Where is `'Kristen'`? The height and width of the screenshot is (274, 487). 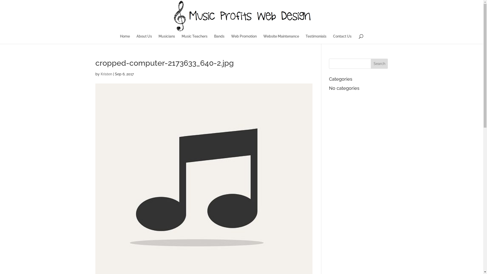
'Kristen' is located at coordinates (100, 74).